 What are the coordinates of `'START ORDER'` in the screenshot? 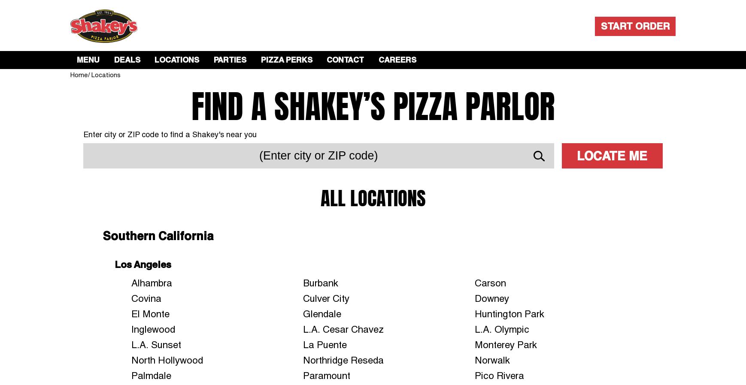 It's located at (635, 25).